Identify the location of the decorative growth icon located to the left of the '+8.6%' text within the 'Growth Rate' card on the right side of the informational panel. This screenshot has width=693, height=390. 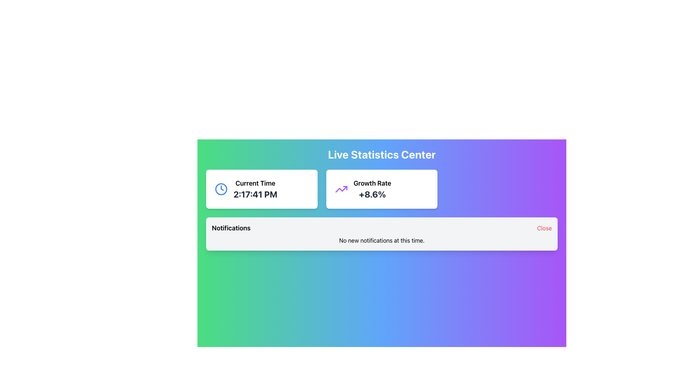
(341, 189).